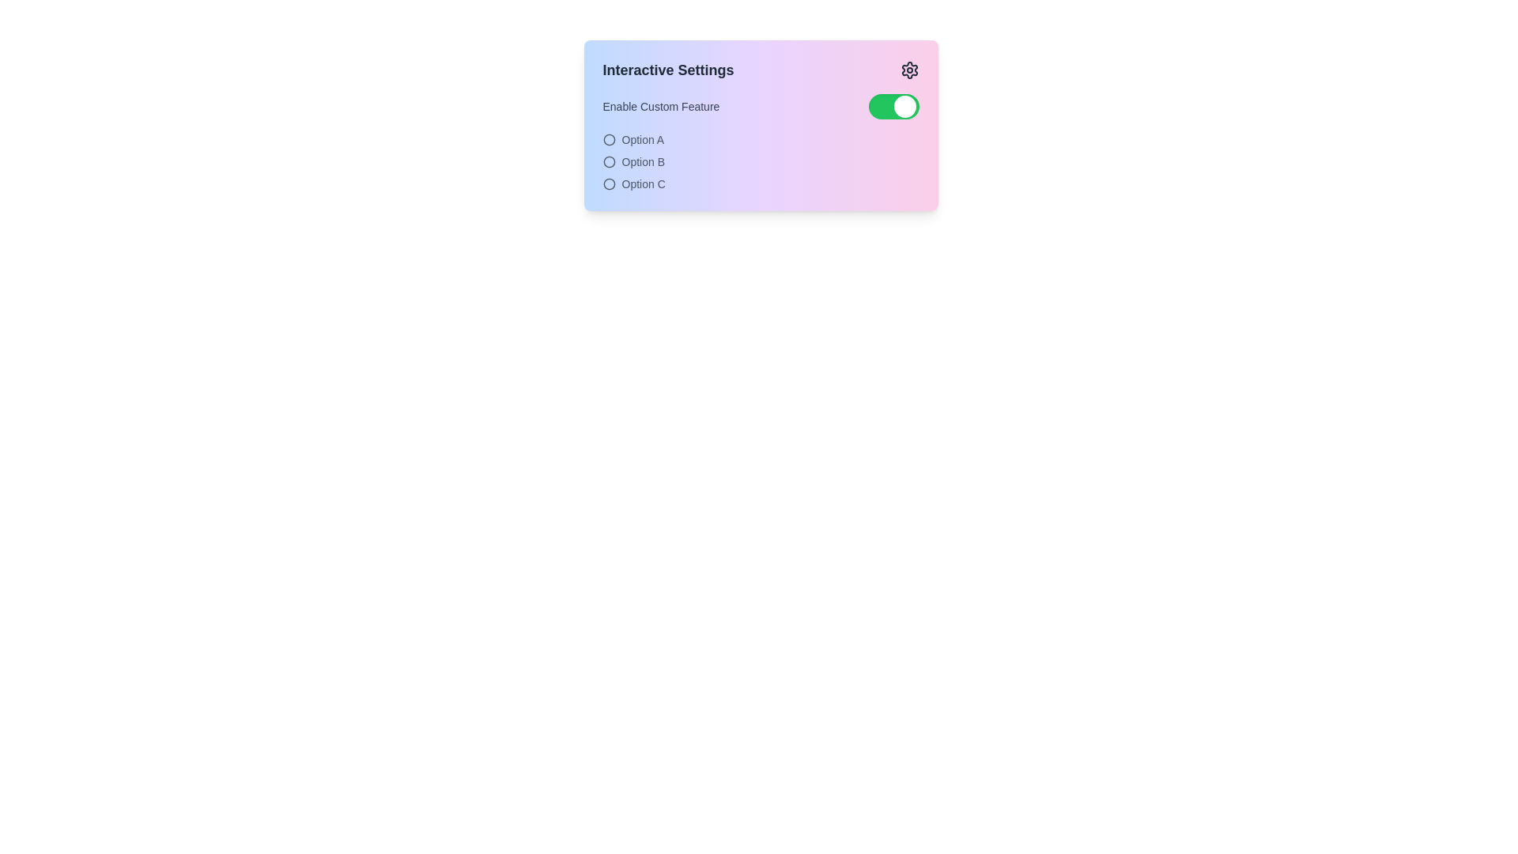  What do you see at coordinates (608, 183) in the screenshot?
I see `the grayscale radio button located to the left of the 'Option C' text under the 'Enable Custom Feature' section` at bounding box center [608, 183].